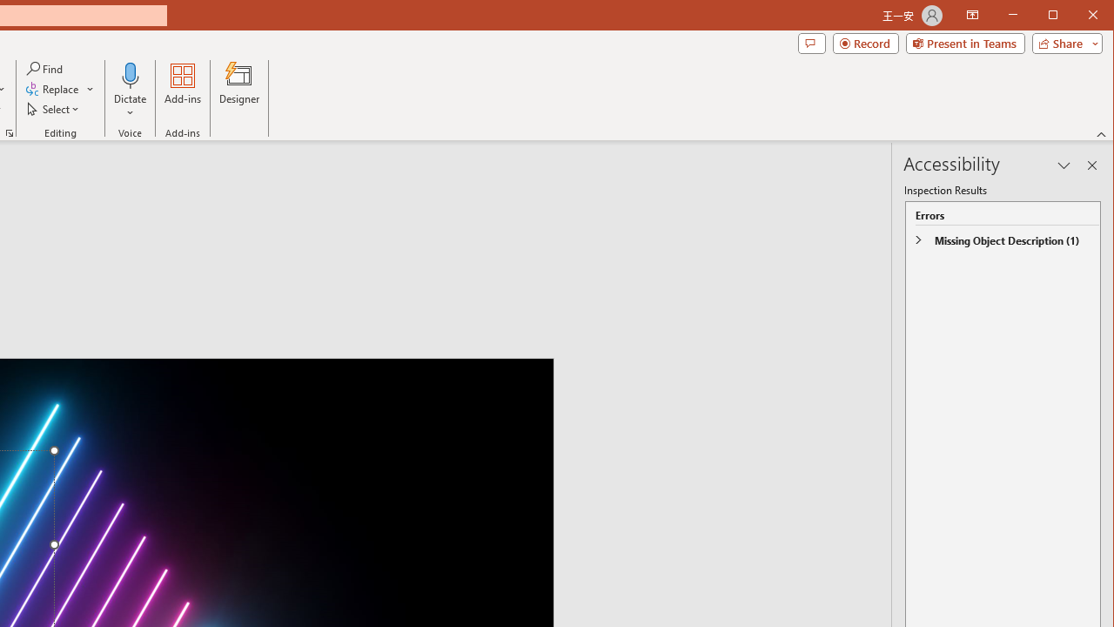 Image resolution: width=1114 pixels, height=627 pixels. Describe the element at coordinates (54, 109) in the screenshot. I see `'Select'` at that location.